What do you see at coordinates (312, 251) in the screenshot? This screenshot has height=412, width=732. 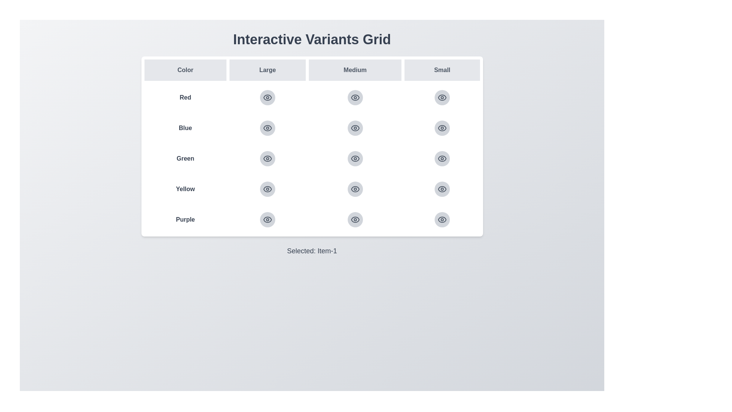 I see `the text label that displays the currently selected item in the interactive grid, which is centered below the grid and is the only text element in its vicinity` at bounding box center [312, 251].